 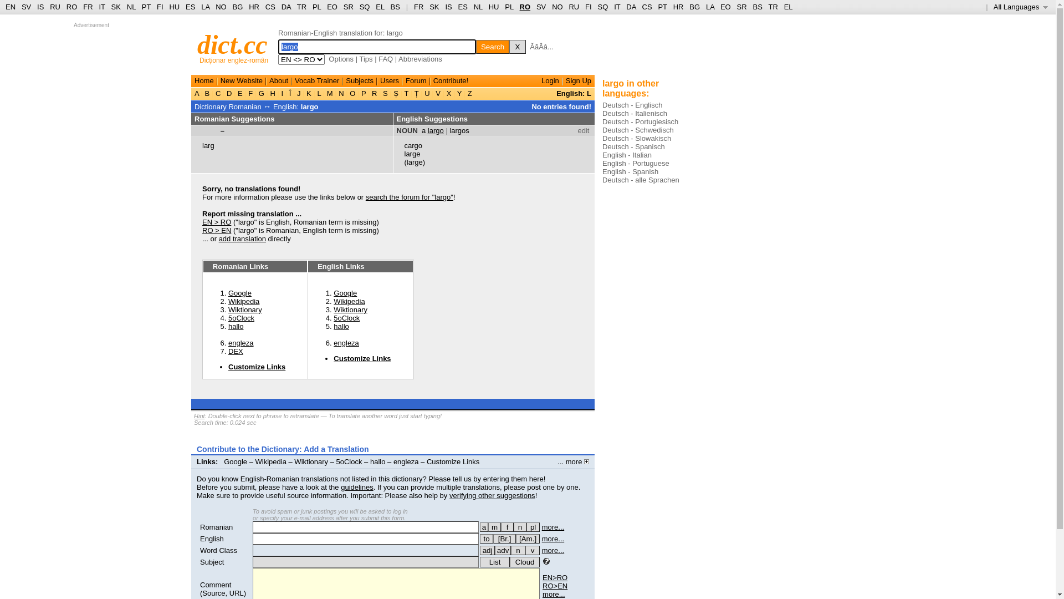 I want to click on 'edit', so click(x=582, y=130).